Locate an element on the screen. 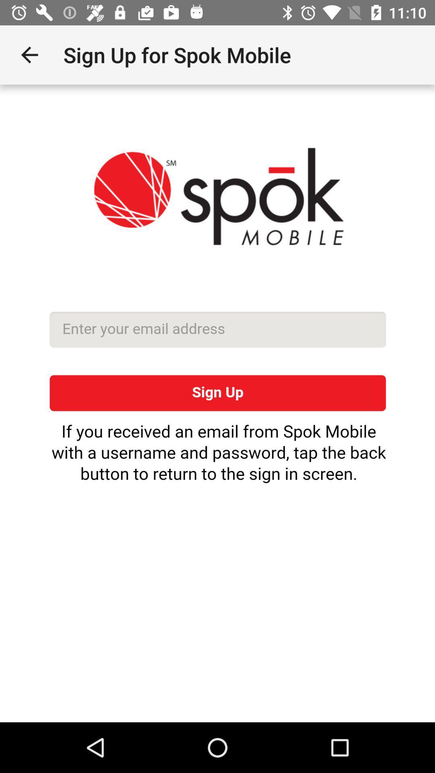 Image resolution: width=435 pixels, height=773 pixels. login or sign up is located at coordinates (217, 403).